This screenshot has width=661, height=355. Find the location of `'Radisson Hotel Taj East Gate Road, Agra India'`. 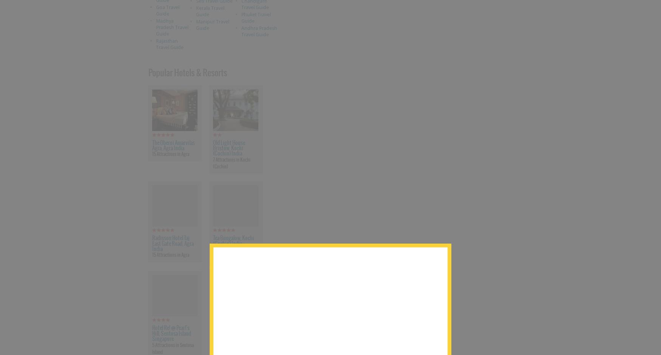

'Radisson Hotel Taj East Gate Road, Agra India' is located at coordinates (151, 243).